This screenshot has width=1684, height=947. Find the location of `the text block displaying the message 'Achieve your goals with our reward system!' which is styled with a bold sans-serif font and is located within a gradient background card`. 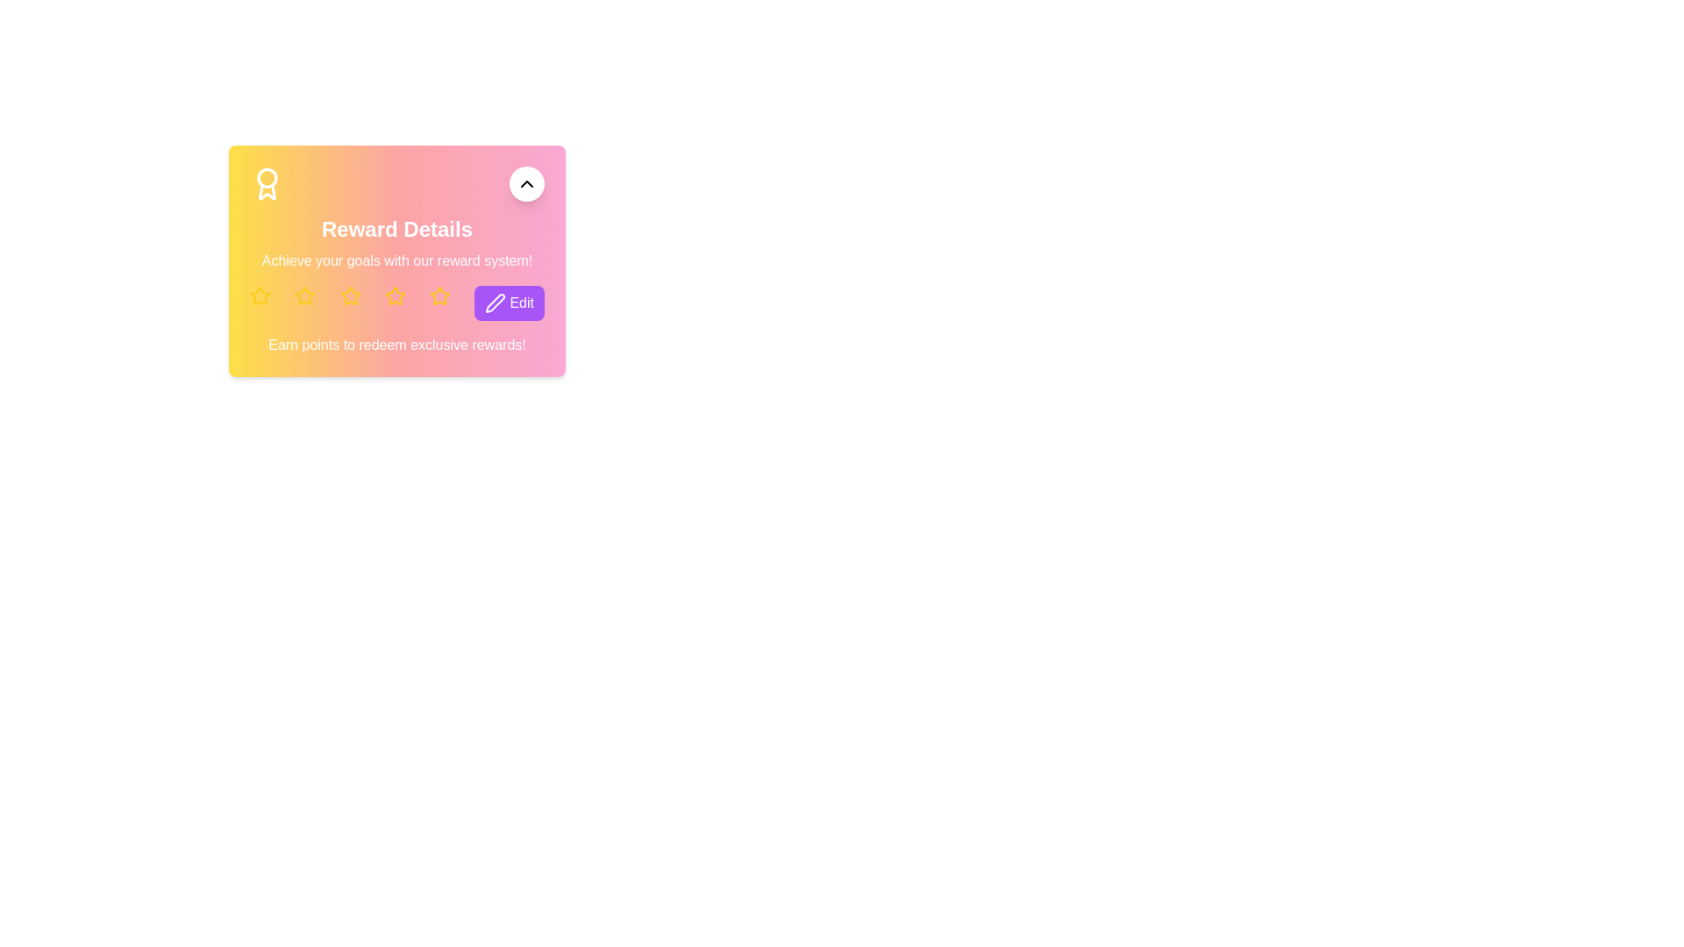

the text block displaying the message 'Achieve your goals with our reward system!' which is styled with a bold sans-serif font and is located within a gradient background card is located at coordinates (396, 260).